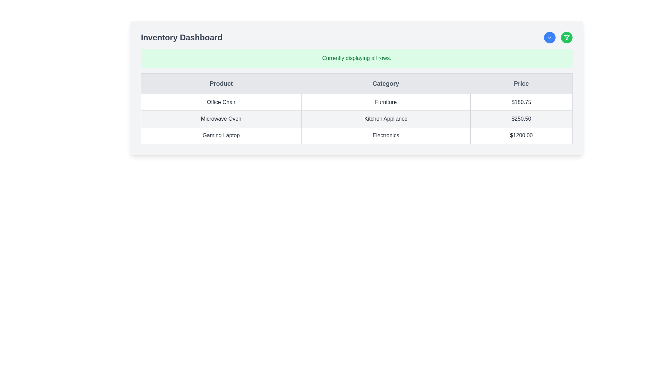 This screenshot has height=366, width=652. Describe the element at coordinates (521, 119) in the screenshot. I see `the price label for the product 'Microwave Oven', located in the third column of the second row of a table under the header 'Price'` at that location.